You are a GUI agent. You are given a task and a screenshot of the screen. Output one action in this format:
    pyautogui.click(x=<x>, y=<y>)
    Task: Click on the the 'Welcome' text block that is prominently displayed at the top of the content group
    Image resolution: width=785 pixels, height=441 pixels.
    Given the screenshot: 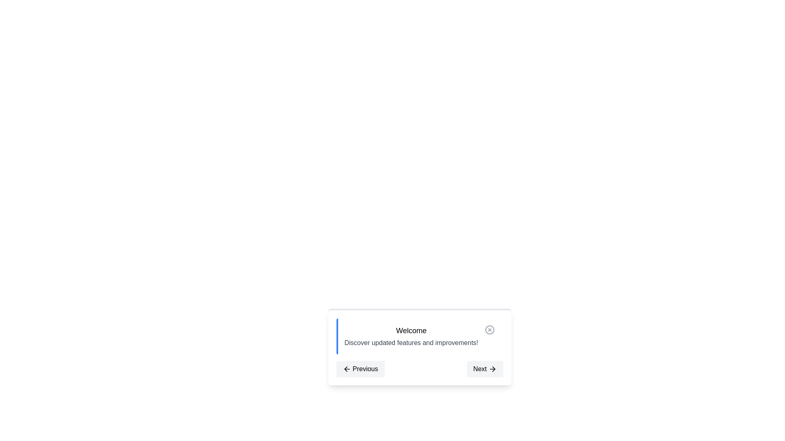 What is the action you would take?
    pyautogui.click(x=411, y=331)
    